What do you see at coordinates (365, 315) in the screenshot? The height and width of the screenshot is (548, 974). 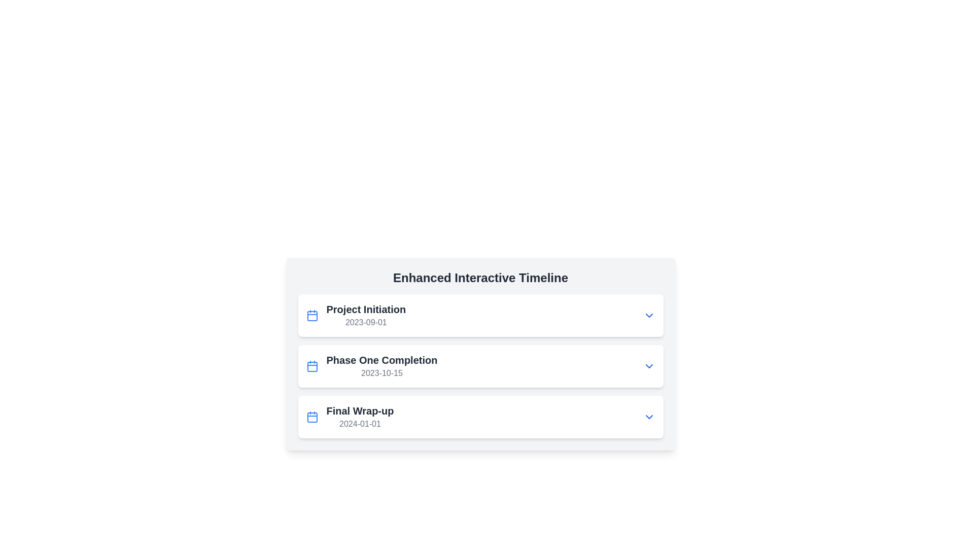 I see `the timeline event label 'Project Initiation'` at bounding box center [365, 315].